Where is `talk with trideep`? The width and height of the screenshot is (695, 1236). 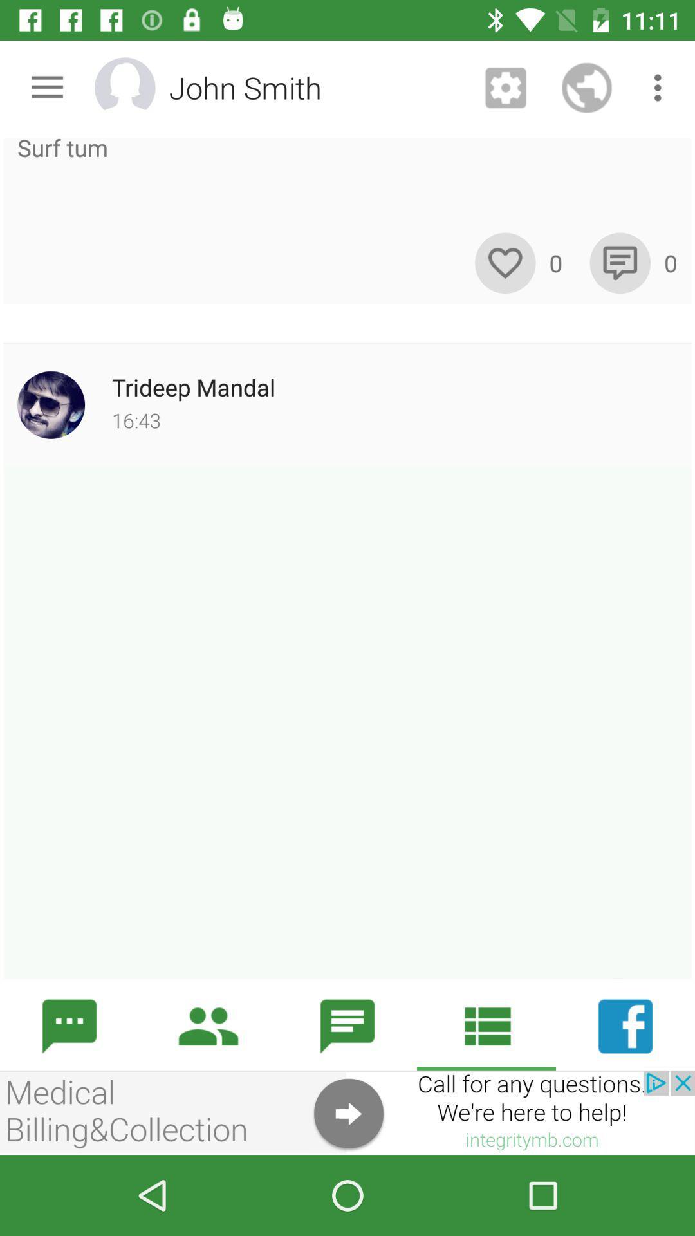
talk with trideep is located at coordinates (347, 722).